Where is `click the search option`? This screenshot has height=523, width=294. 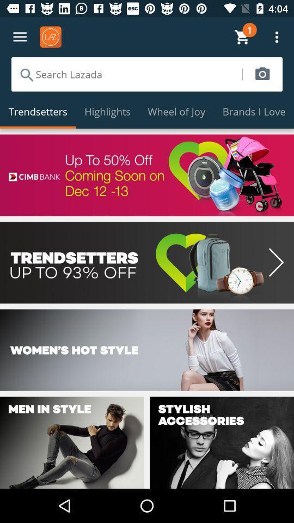 click the search option is located at coordinates (126, 74).